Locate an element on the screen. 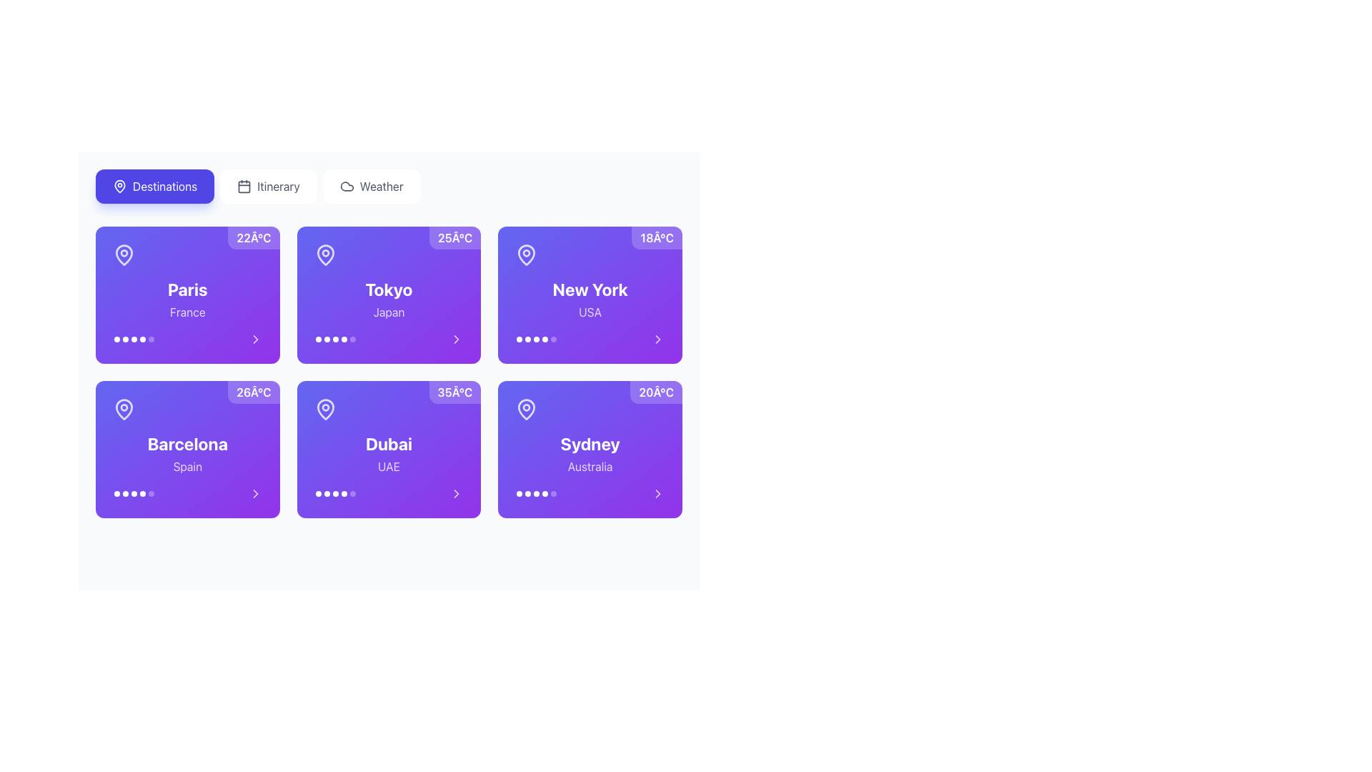 This screenshot has height=772, width=1372. the center dot of the progress indicator, which is a semi-transparent white circle among five horizontally arranged circles located at the bottom edge of the 'Barcelona' card is located at coordinates (134, 493).